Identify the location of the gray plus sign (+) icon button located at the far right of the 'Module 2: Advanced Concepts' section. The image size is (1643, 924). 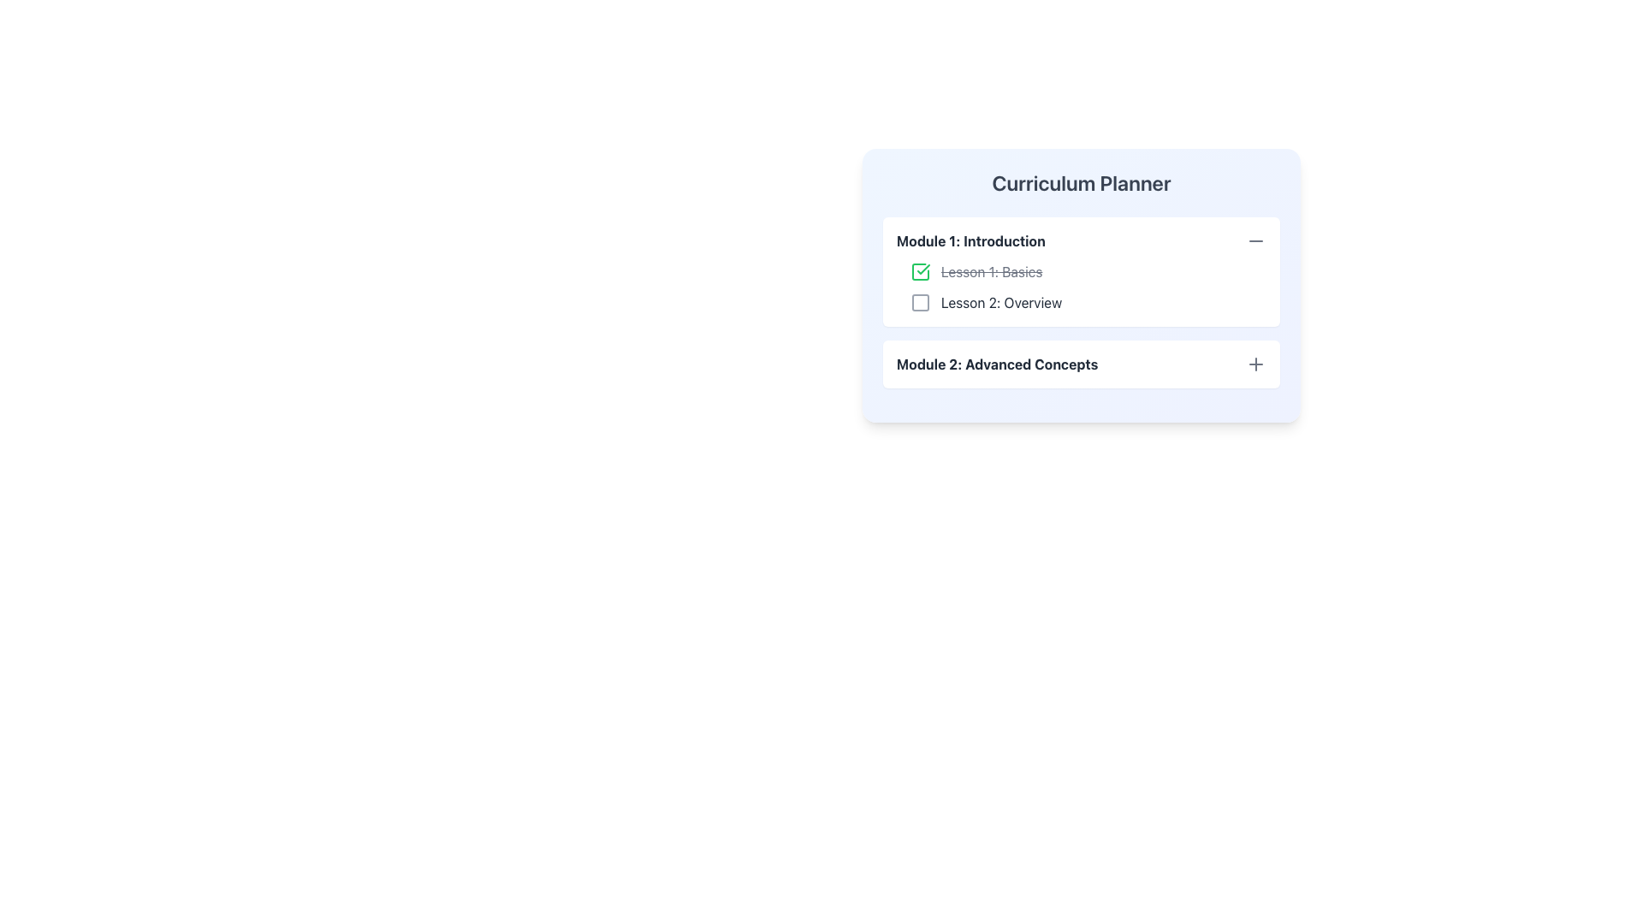
(1256, 363).